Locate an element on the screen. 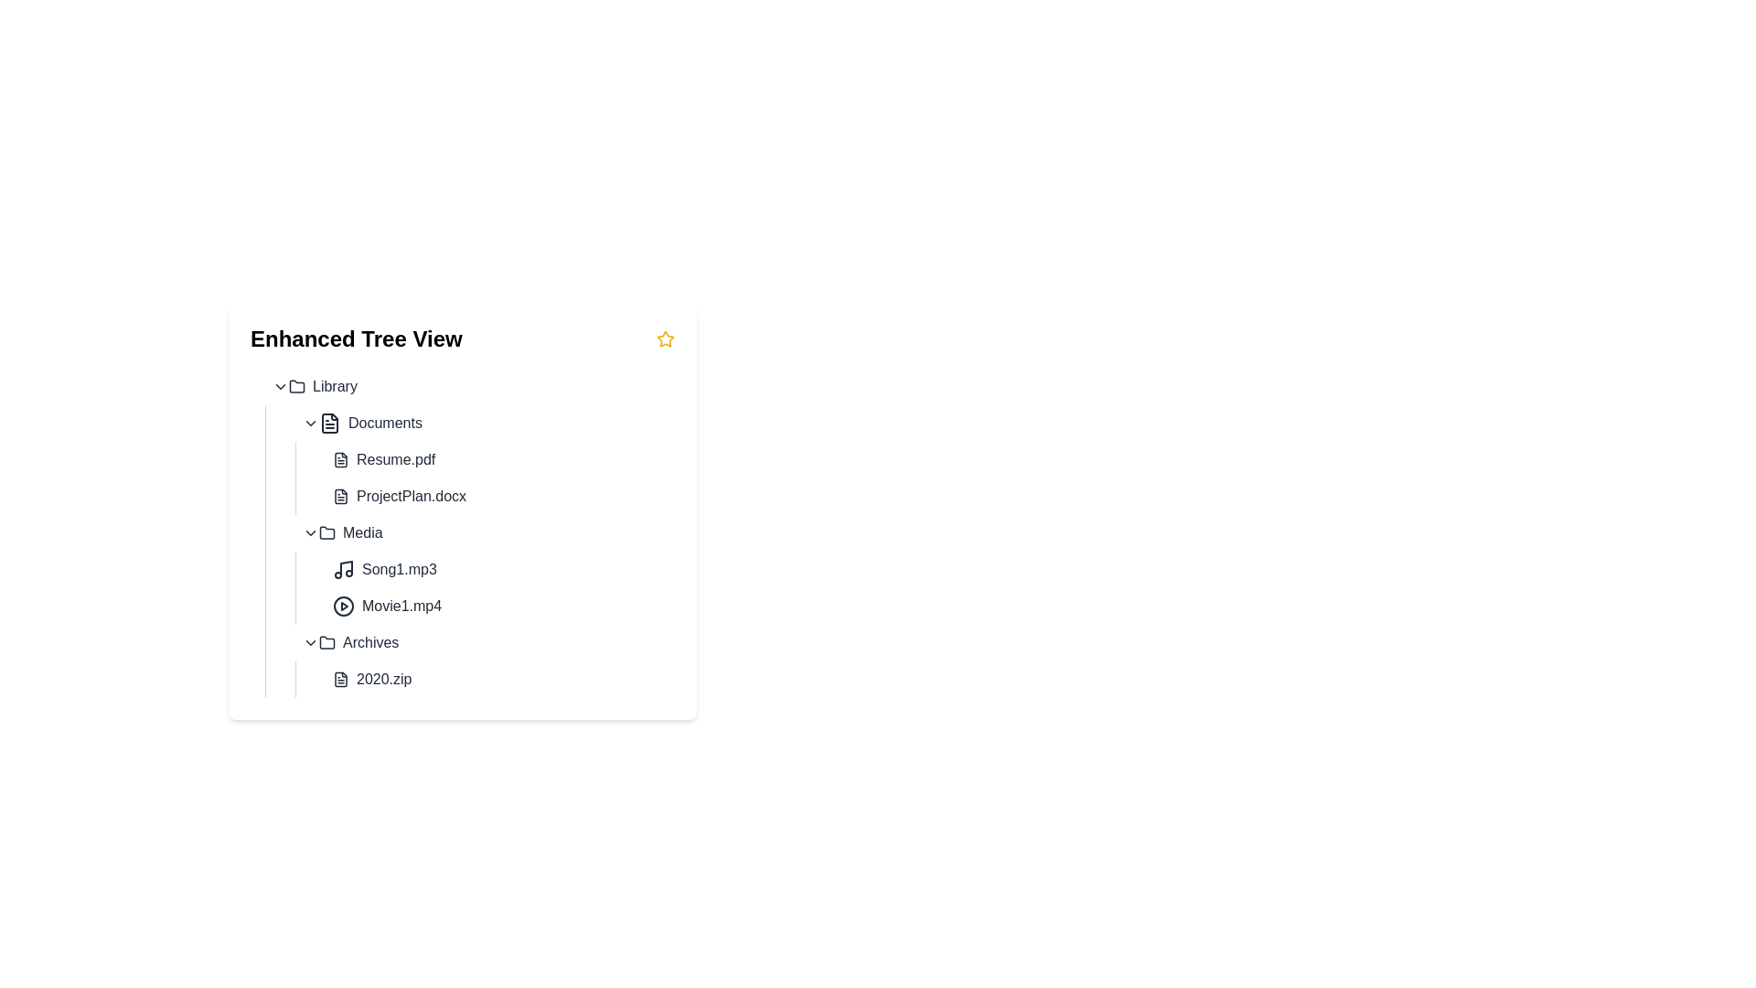  the circular shape of the play button icon for the 'Movie1.mp4' media entry in the tree view is located at coordinates (343, 607).